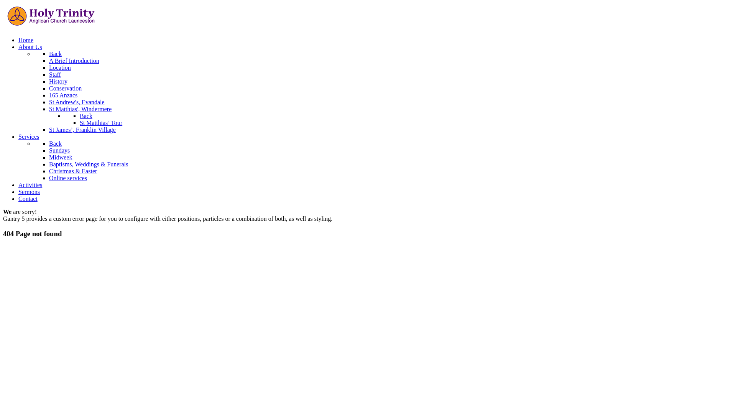 This screenshot has width=736, height=414. I want to click on 'Staff', so click(54, 74).